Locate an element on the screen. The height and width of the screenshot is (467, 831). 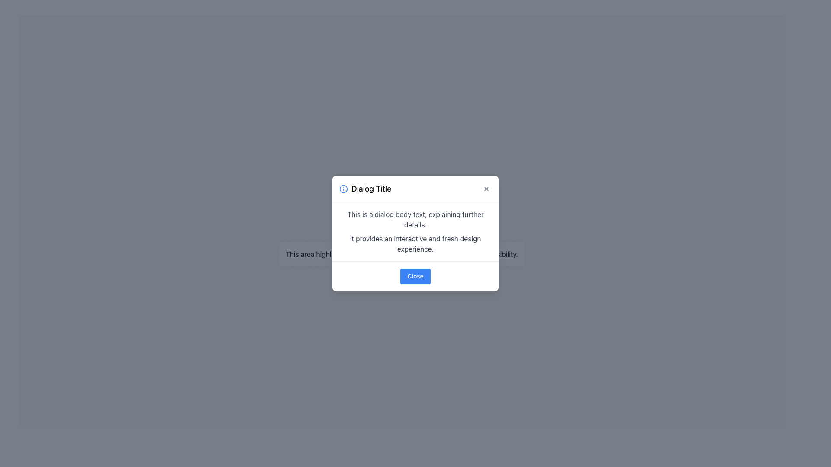
the 'Close' button at the bottom-center of the dialog box to activate its hover effect, changing its background color is located at coordinates (415, 276).